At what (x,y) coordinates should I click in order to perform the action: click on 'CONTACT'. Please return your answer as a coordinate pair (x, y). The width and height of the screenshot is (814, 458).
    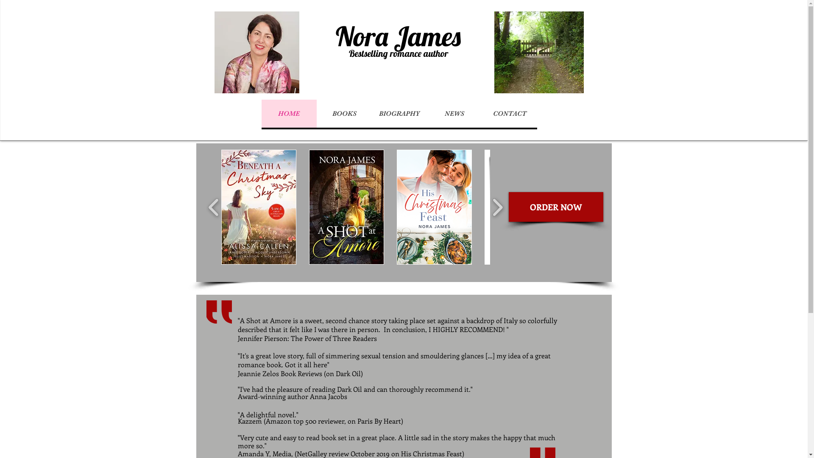
    Looking at the image, I should click on (509, 113).